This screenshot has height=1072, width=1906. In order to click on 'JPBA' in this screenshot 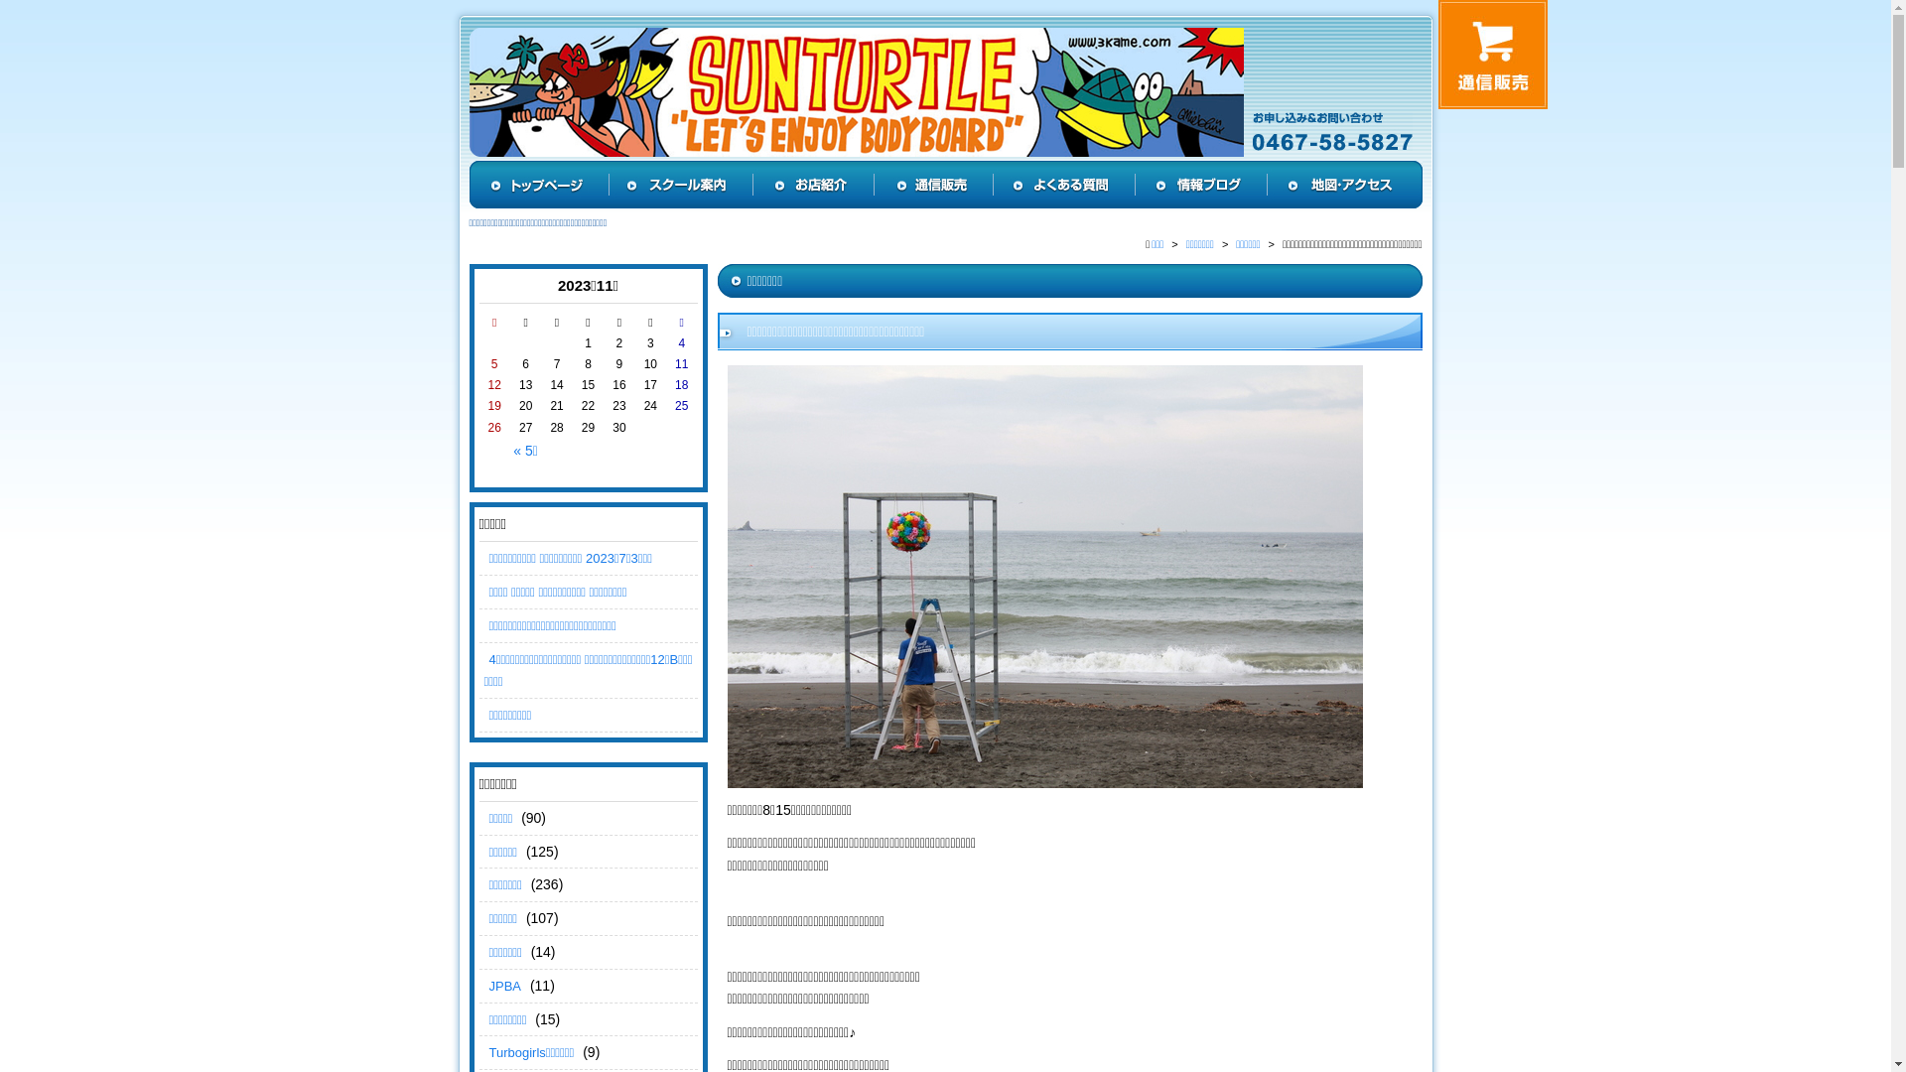, I will do `click(505, 986)`.